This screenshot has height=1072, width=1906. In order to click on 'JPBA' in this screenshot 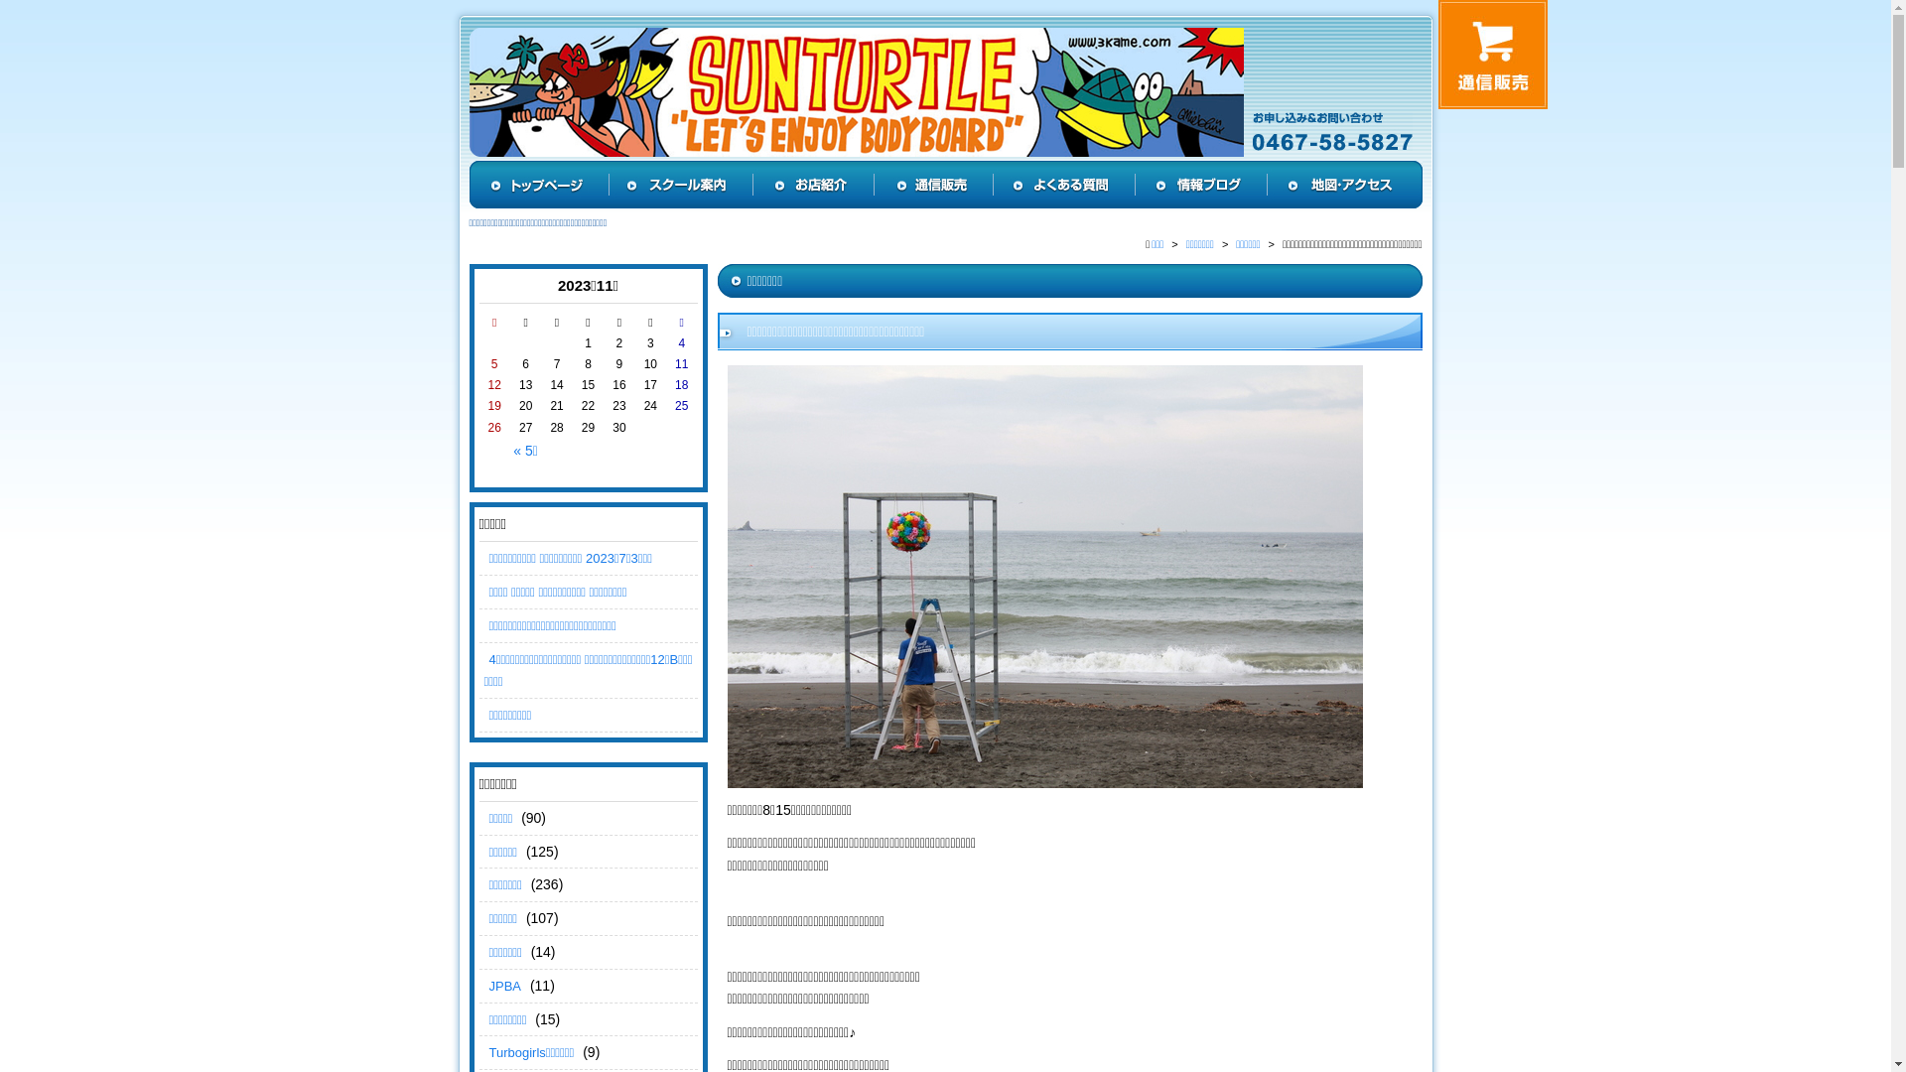, I will do `click(505, 986)`.